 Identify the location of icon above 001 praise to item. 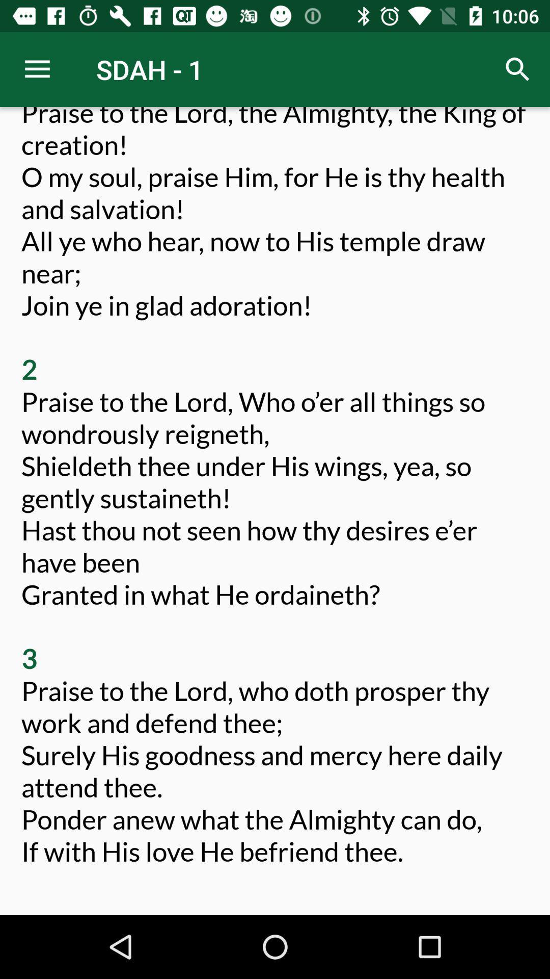
(518, 69).